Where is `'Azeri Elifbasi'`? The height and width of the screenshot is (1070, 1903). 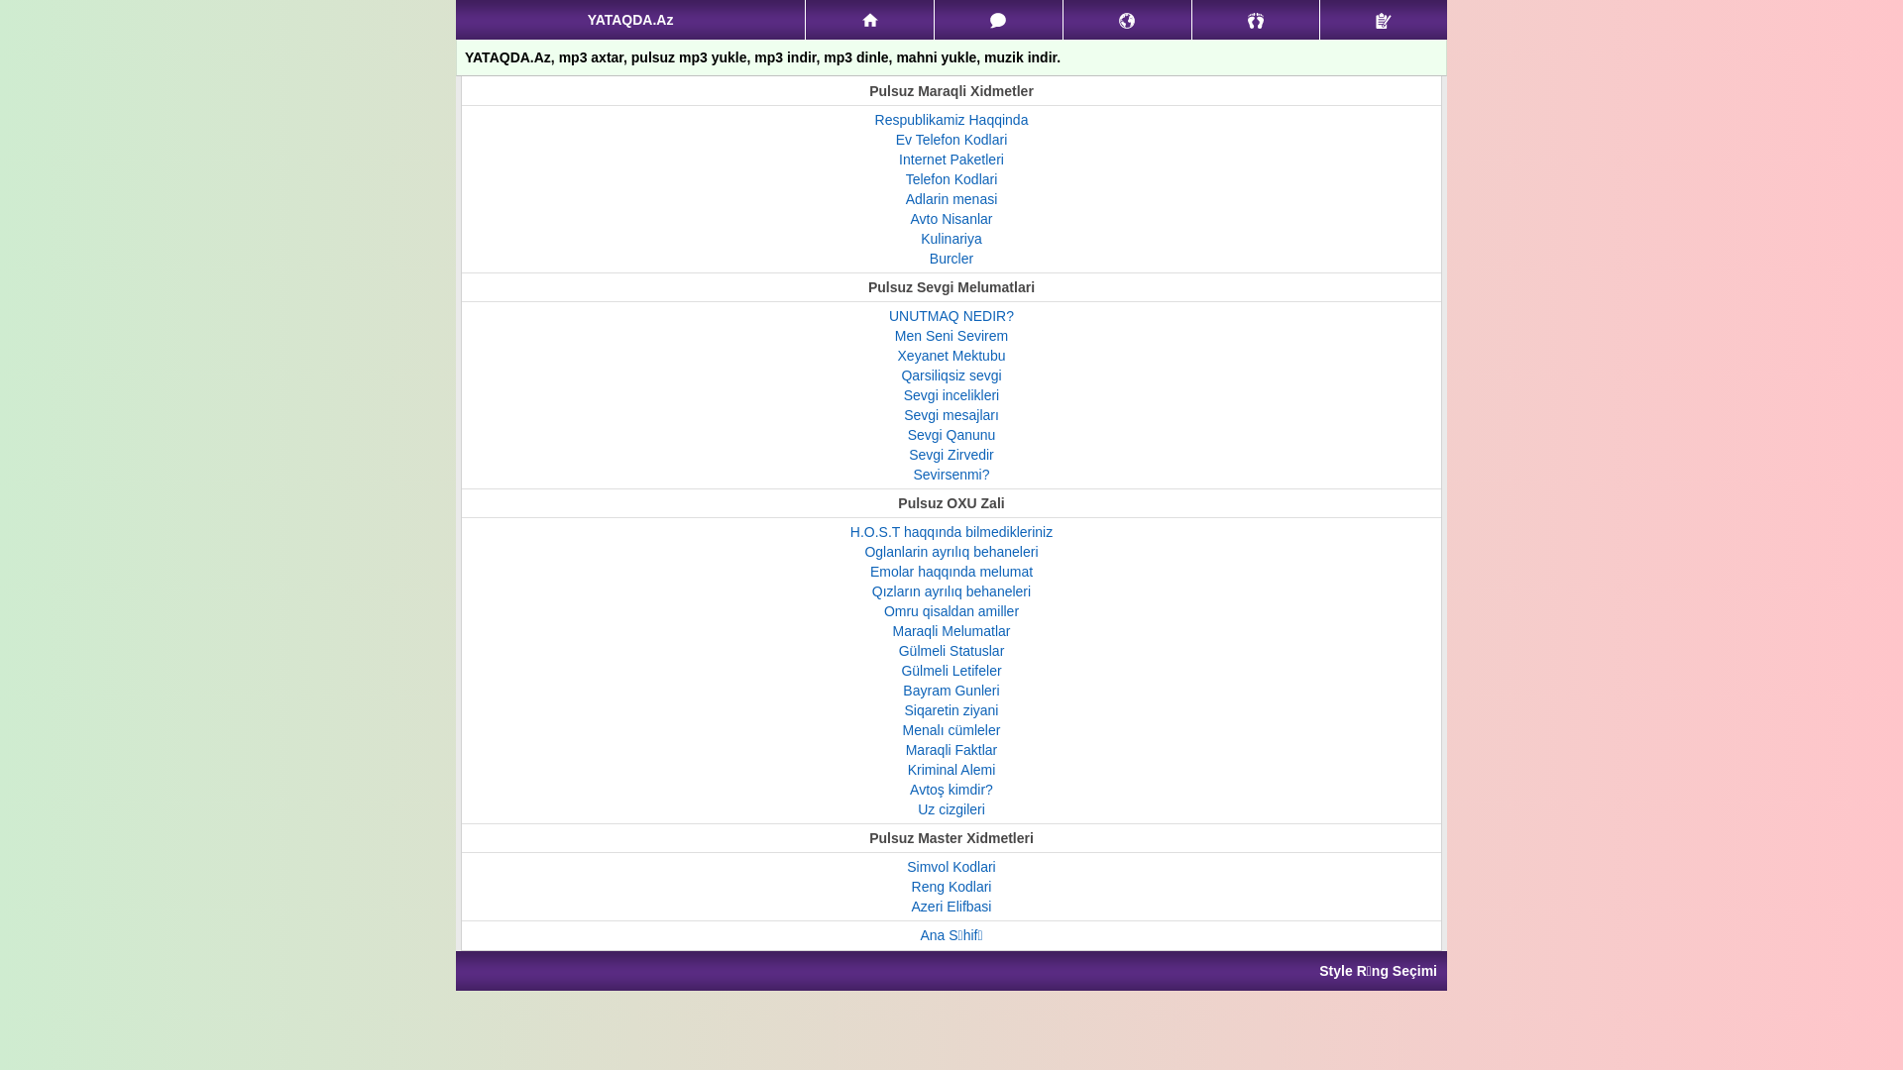 'Azeri Elifbasi' is located at coordinates (951, 906).